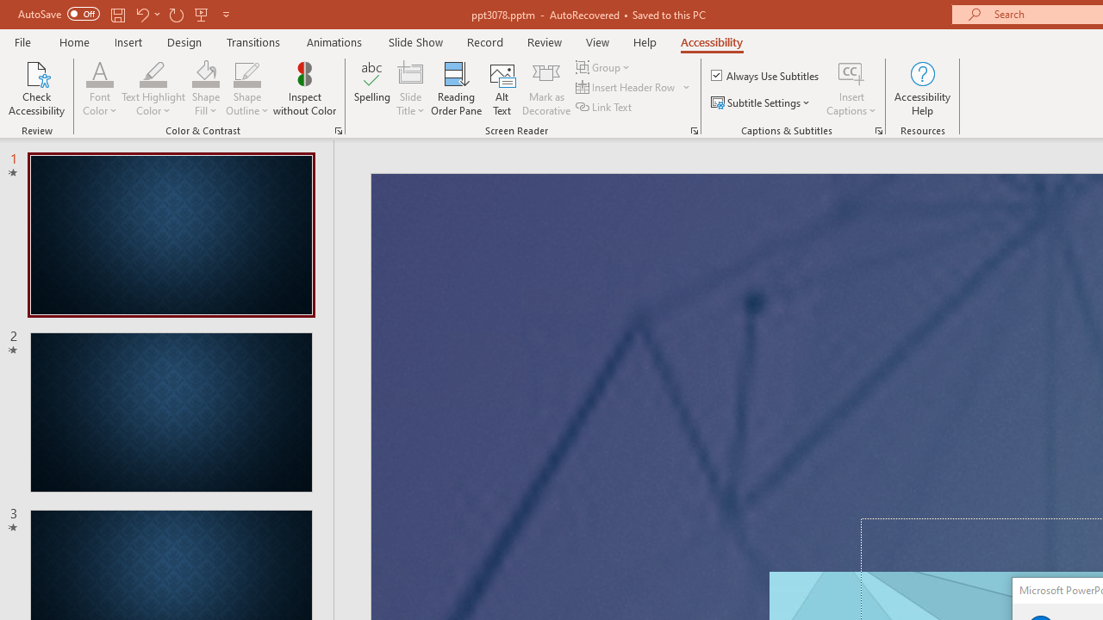 The width and height of the screenshot is (1103, 620). What do you see at coordinates (879, 129) in the screenshot?
I see `'Captions & Subtitles'` at bounding box center [879, 129].